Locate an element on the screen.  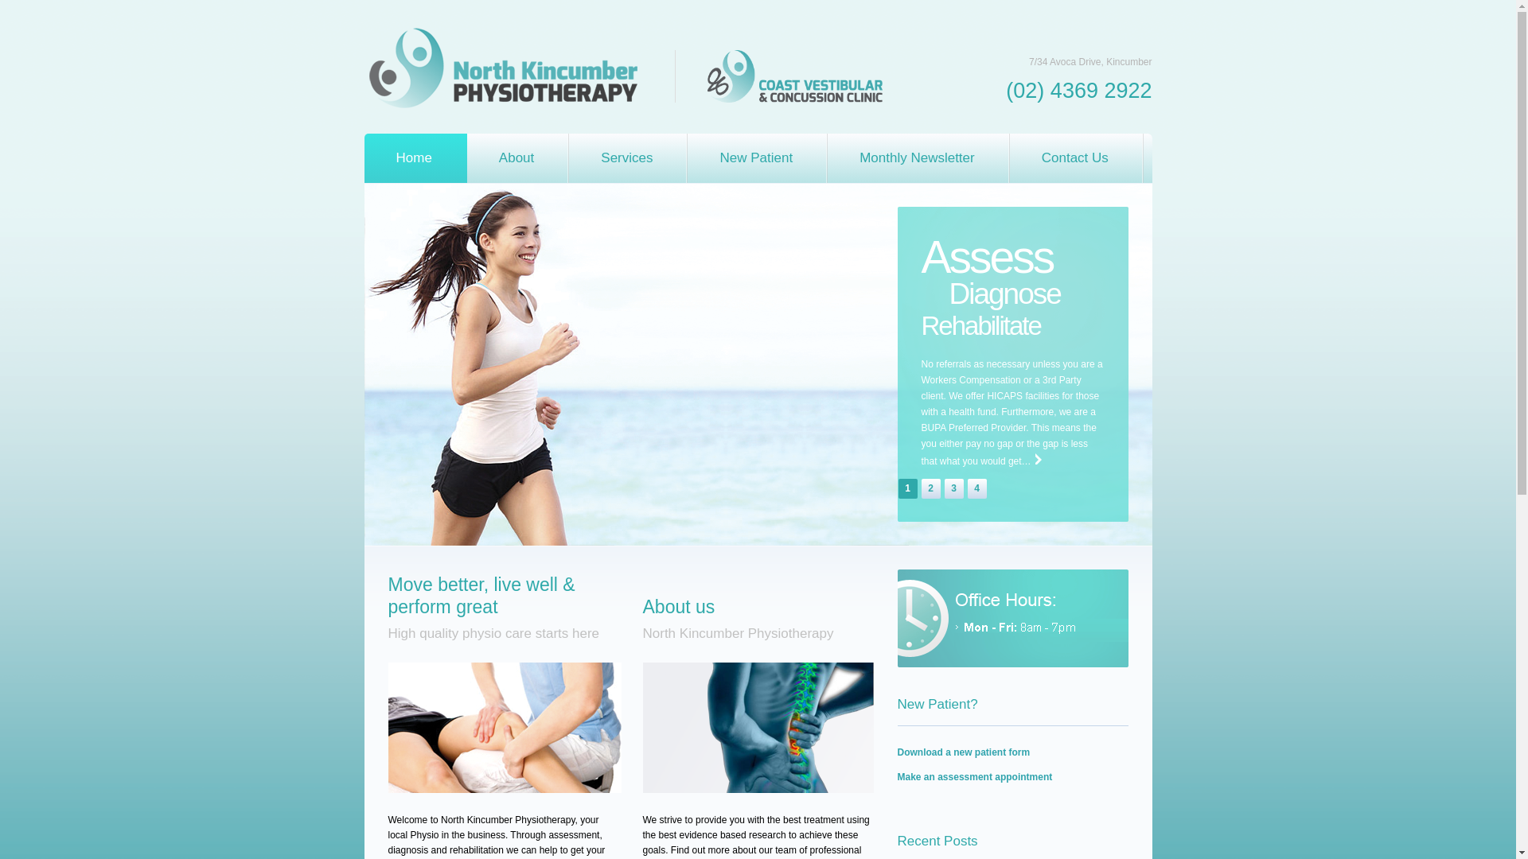
'Services' is located at coordinates (627, 158).